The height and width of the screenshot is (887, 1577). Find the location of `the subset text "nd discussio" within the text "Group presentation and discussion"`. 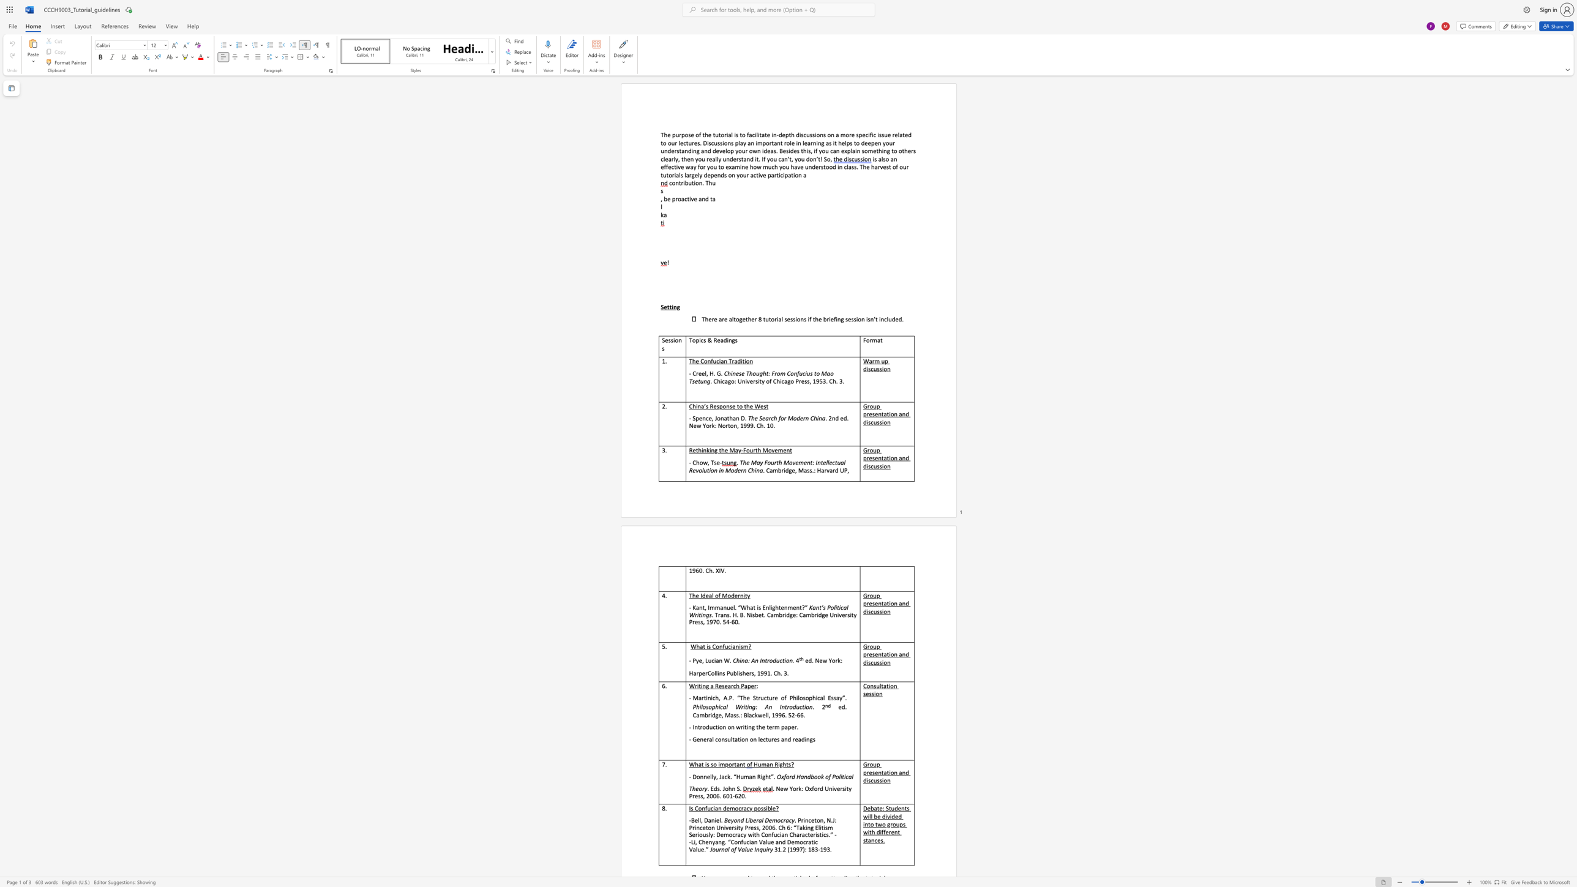

the subset text "nd discussio" within the text "Group presentation and discussion" is located at coordinates (901, 603).